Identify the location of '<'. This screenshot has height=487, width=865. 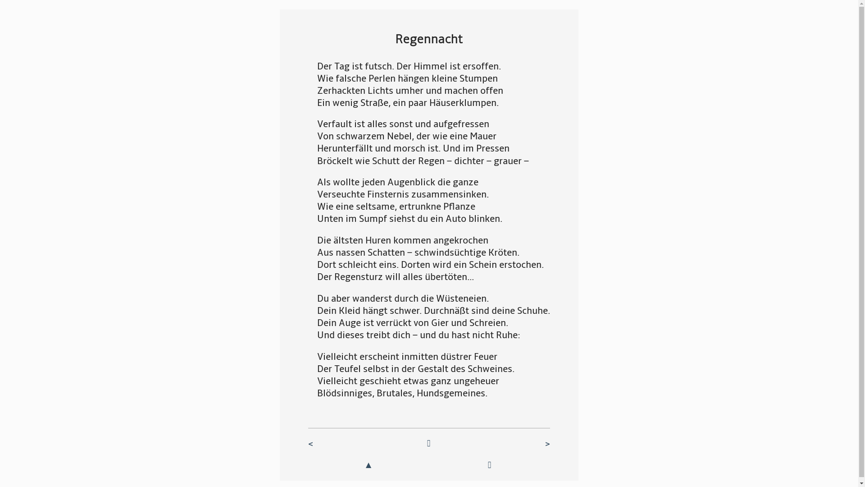
(320, 443).